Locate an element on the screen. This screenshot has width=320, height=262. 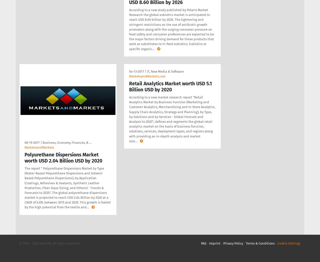
'06-19-2017' is located at coordinates (32, 142).